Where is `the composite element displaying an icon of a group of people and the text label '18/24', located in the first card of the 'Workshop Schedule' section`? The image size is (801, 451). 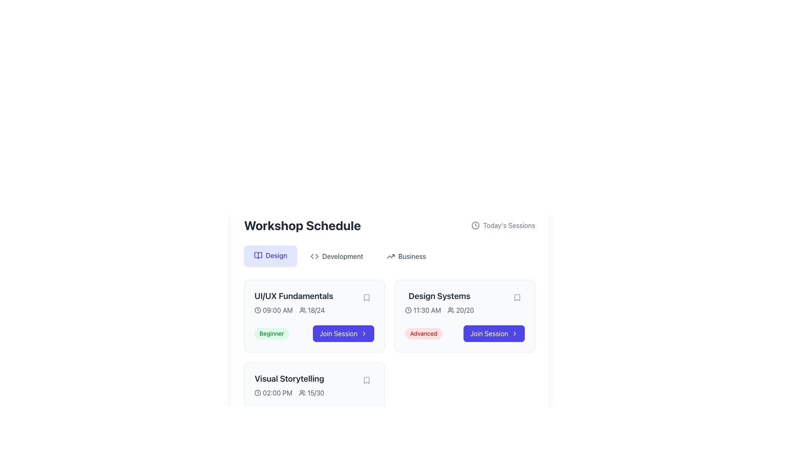 the composite element displaying an icon of a group of people and the text label '18/24', located in the first card of the 'Workshop Schedule' section is located at coordinates (312, 310).